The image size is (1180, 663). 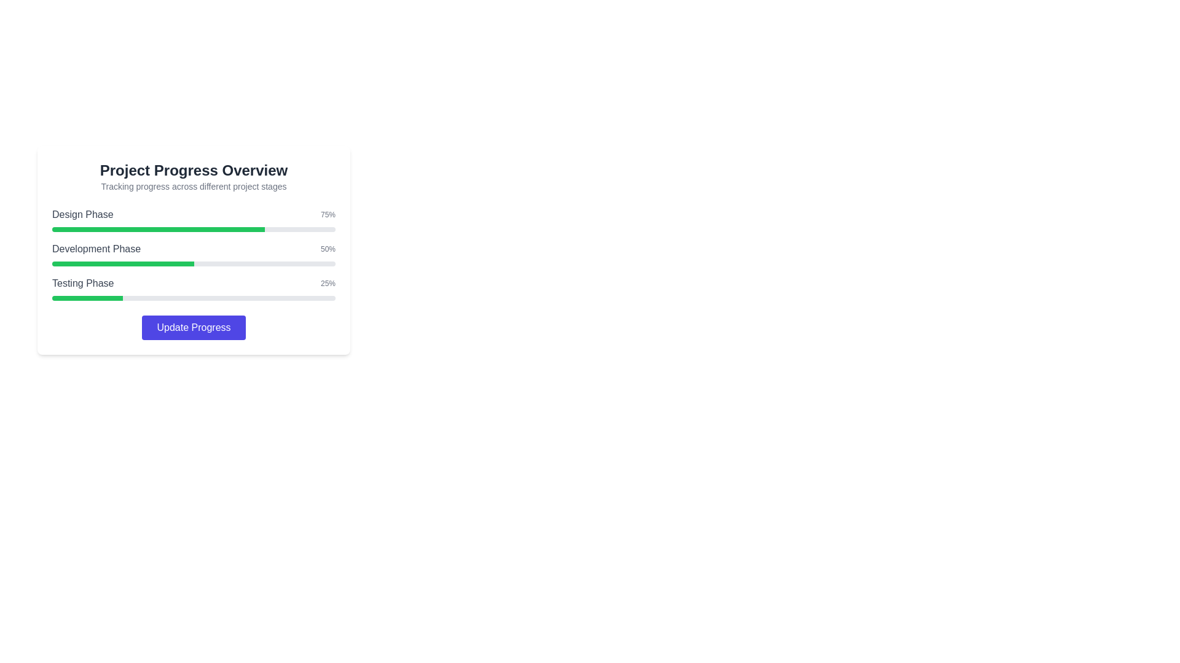 I want to click on the 'Update Progress' button with a blue background and white text located at the bottom center of the 'Project Progress Overview' card to update progress, so click(x=193, y=327).